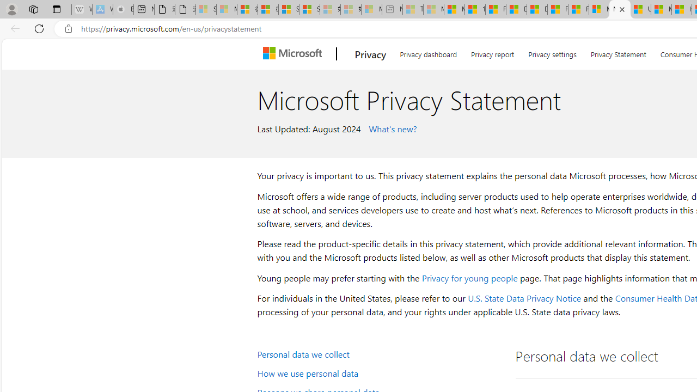  What do you see at coordinates (295, 54) in the screenshot?
I see `'Microsoft'` at bounding box center [295, 54].